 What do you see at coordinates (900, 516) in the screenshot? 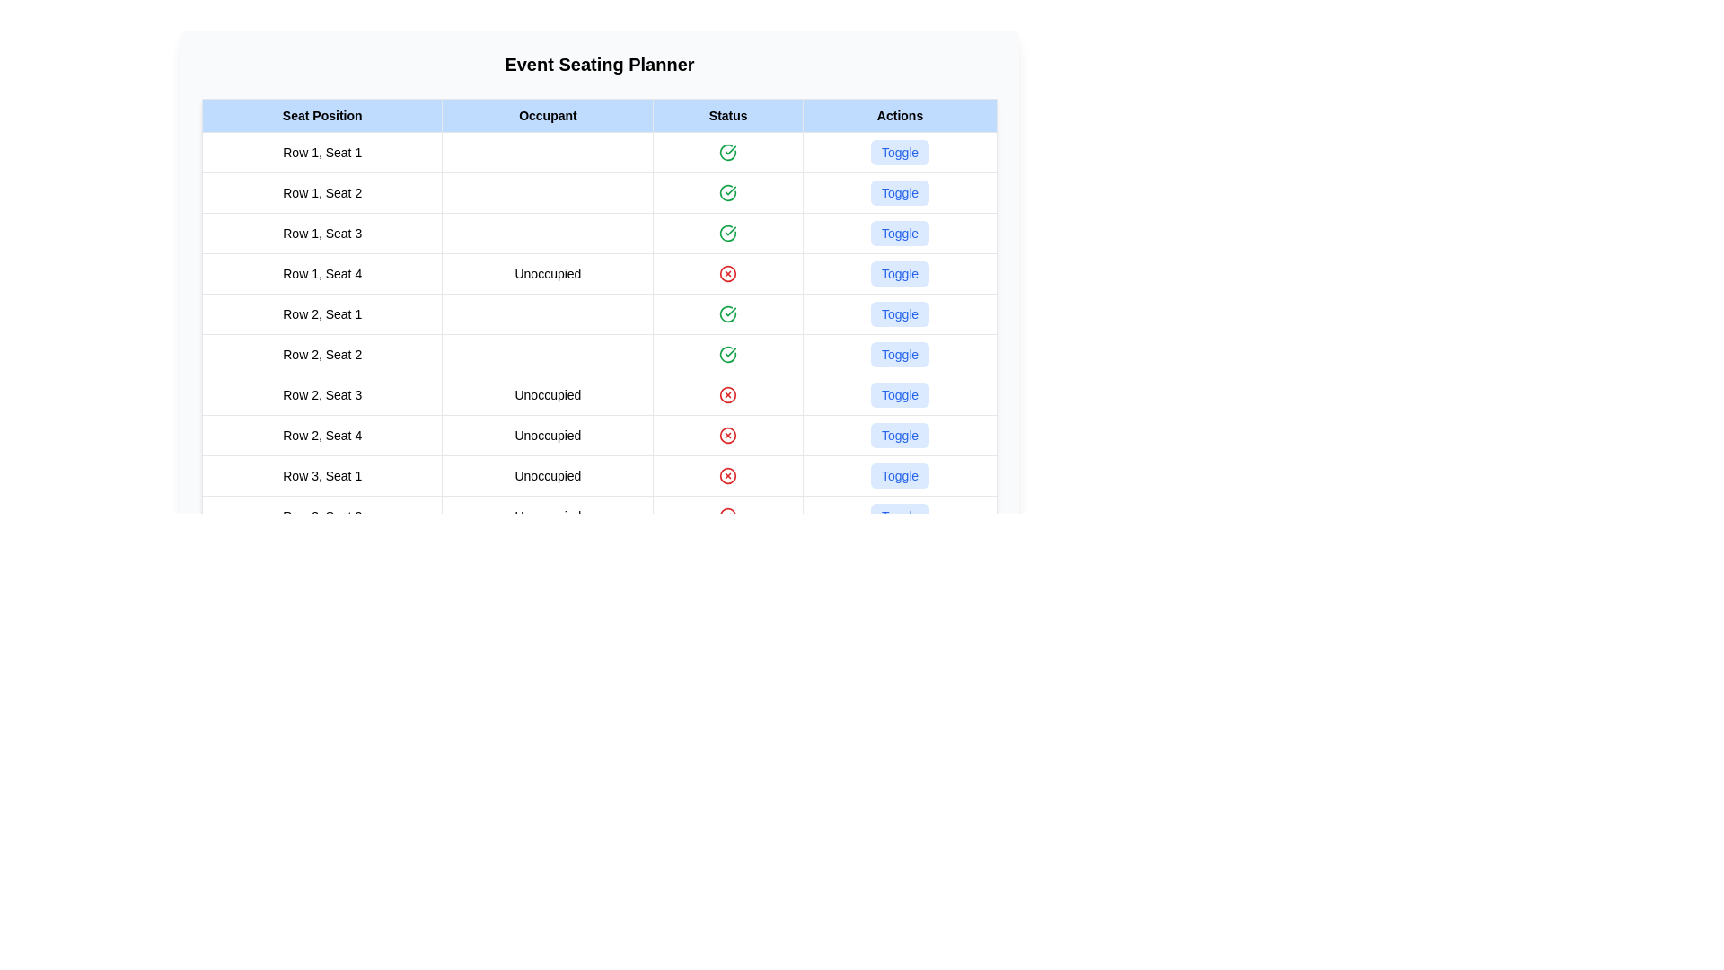
I see `the 'Toggle' button with a light blue background and blue text located in the 'Actions' column of the 'Event Seating Planner' table` at bounding box center [900, 516].